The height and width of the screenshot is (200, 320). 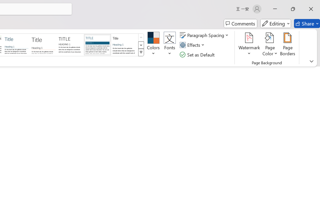 I want to click on 'Restore Down', so click(x=293, y=9).